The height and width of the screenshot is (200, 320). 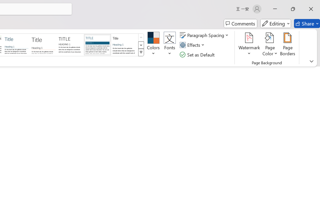 I want to click on 'Restore Down', so click(x=293, y=9).